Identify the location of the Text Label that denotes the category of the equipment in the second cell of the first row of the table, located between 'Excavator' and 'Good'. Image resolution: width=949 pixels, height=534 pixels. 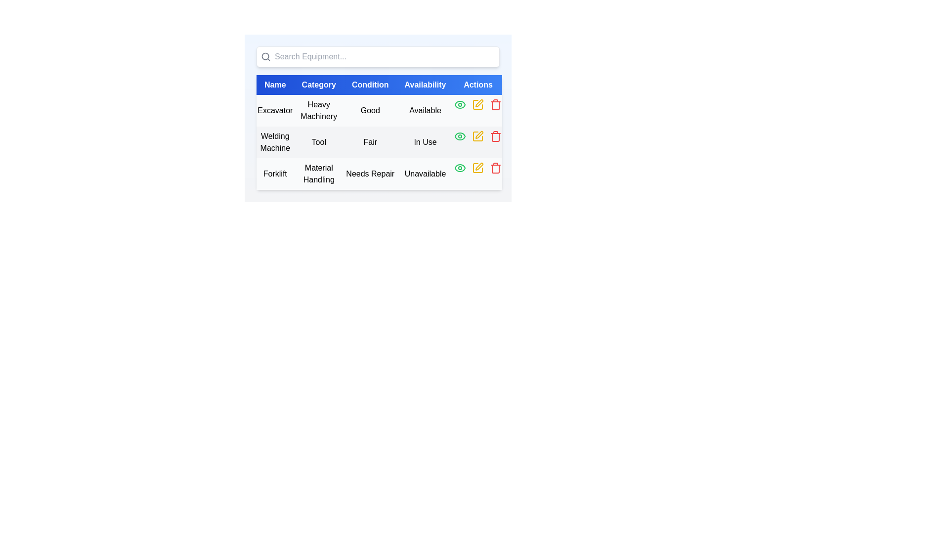
(318, 110).